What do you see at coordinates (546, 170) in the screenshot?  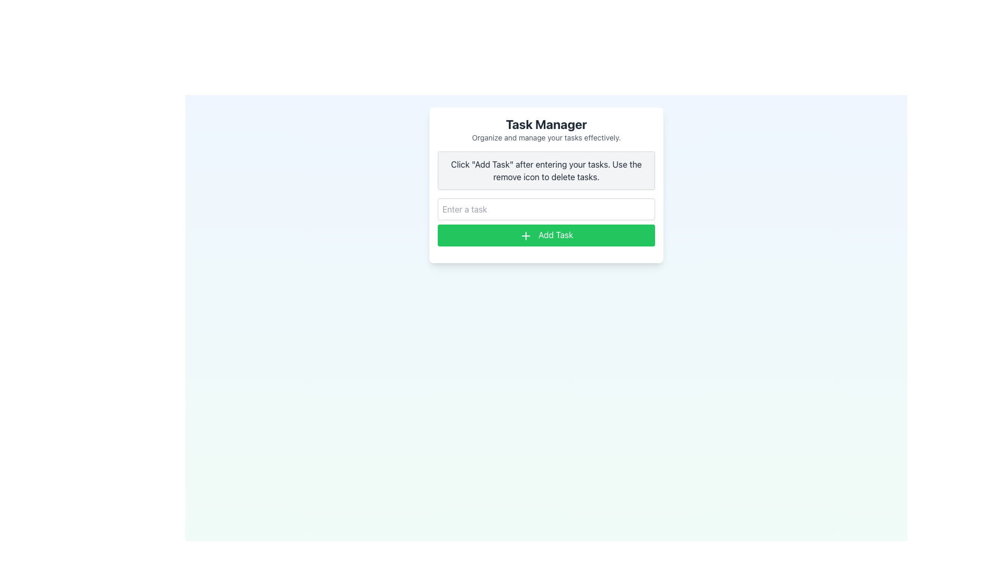 I see `the static text block that serves as an instructional guide for the user, located below the title 'Task Manager'` at bounding box center [546, 170].